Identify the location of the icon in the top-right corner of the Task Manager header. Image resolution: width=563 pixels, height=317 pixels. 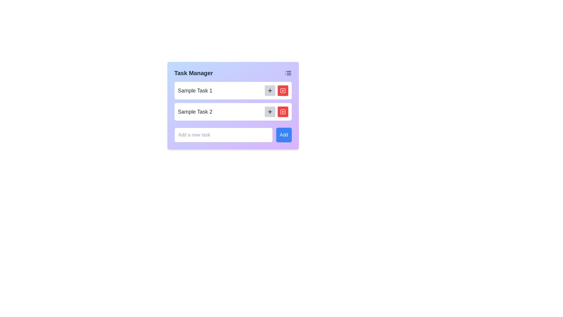
(288, 73).